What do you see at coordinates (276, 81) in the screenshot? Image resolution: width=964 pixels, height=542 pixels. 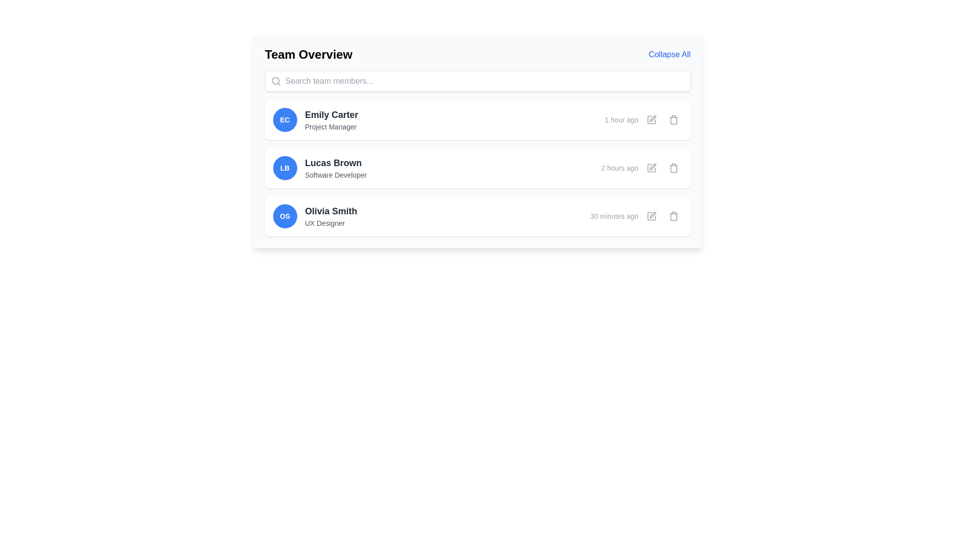 I see `the search icon located on the leftmost side of the search input box below the 'Team Overview' heading` at bounding box center [276, 81].